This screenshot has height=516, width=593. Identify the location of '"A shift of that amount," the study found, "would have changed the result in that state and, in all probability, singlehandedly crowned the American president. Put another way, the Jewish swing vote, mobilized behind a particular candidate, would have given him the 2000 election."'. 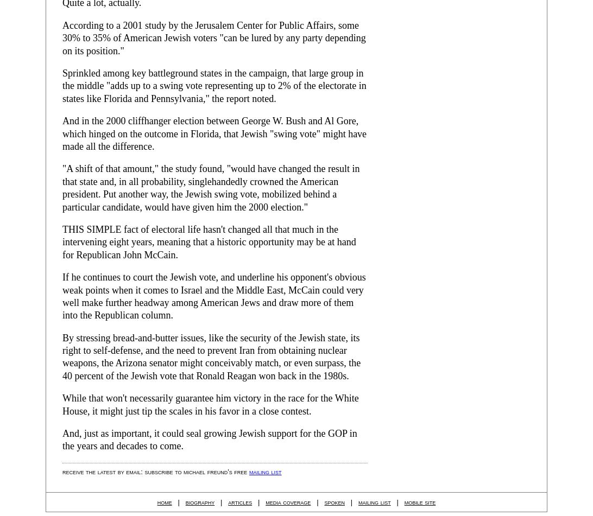
(211, 187).